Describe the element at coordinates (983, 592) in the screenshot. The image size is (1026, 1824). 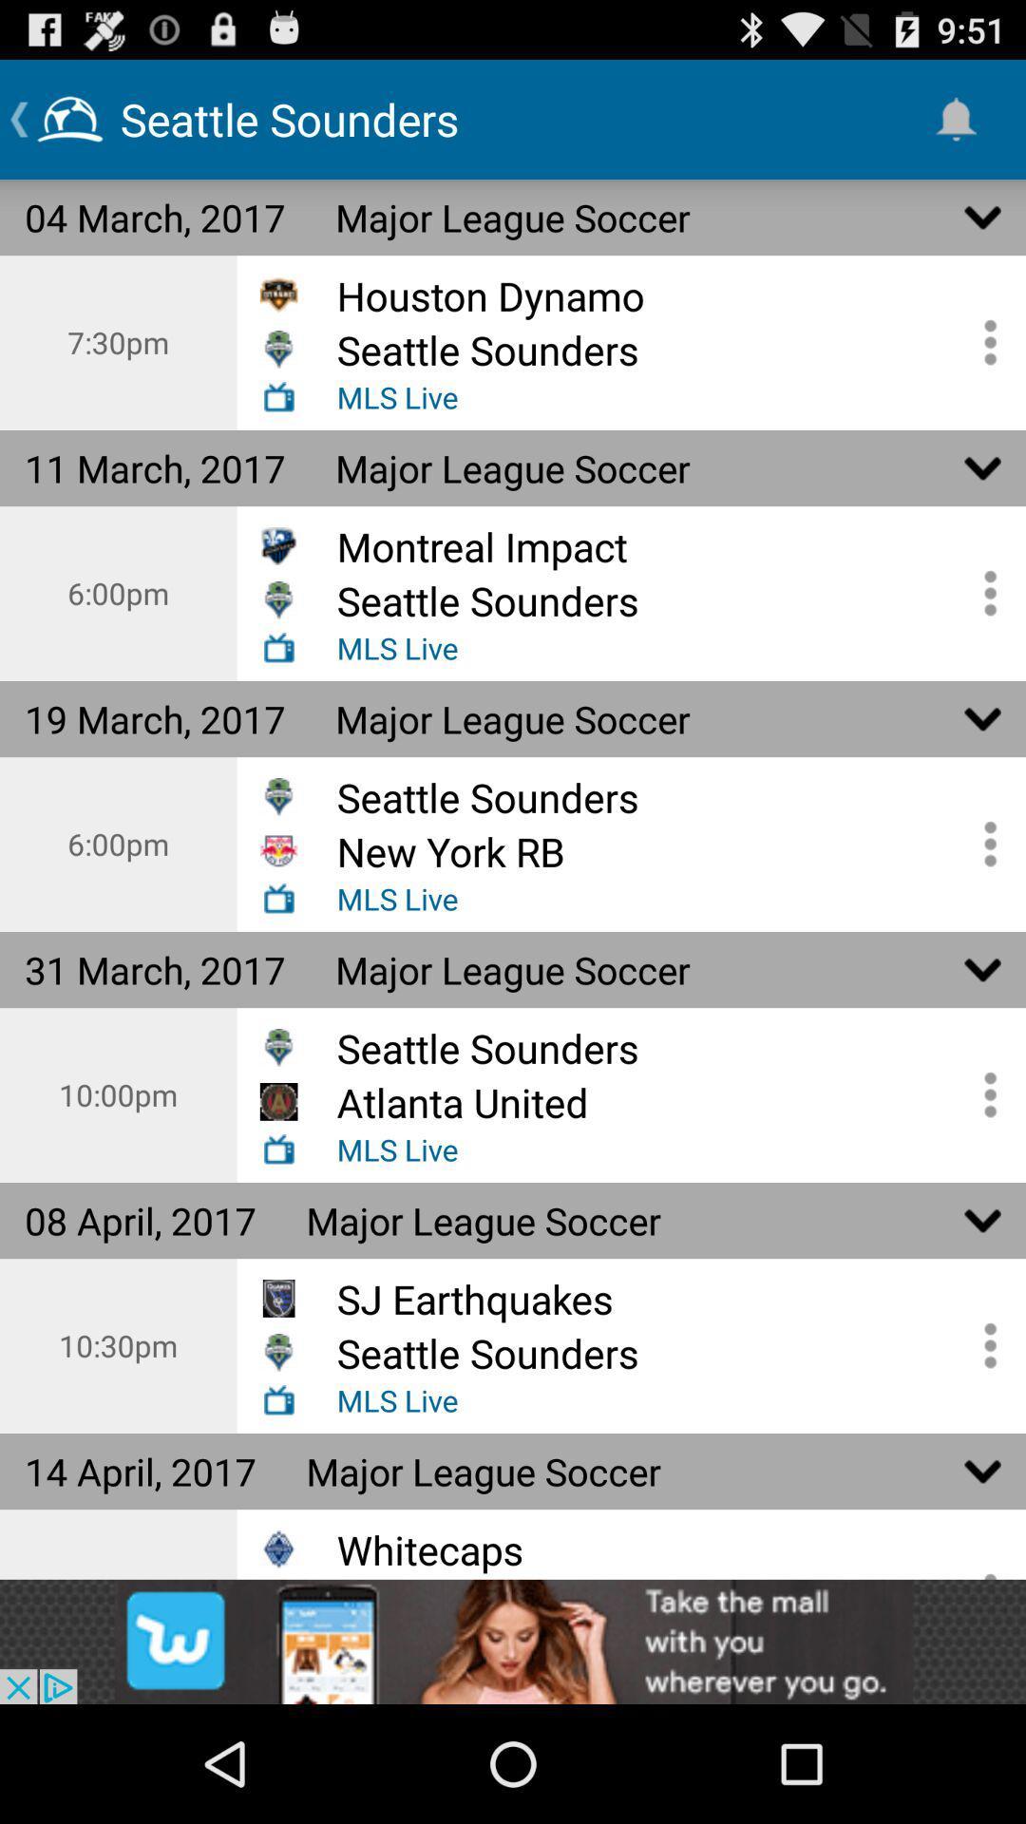
I see `more information` at that location.